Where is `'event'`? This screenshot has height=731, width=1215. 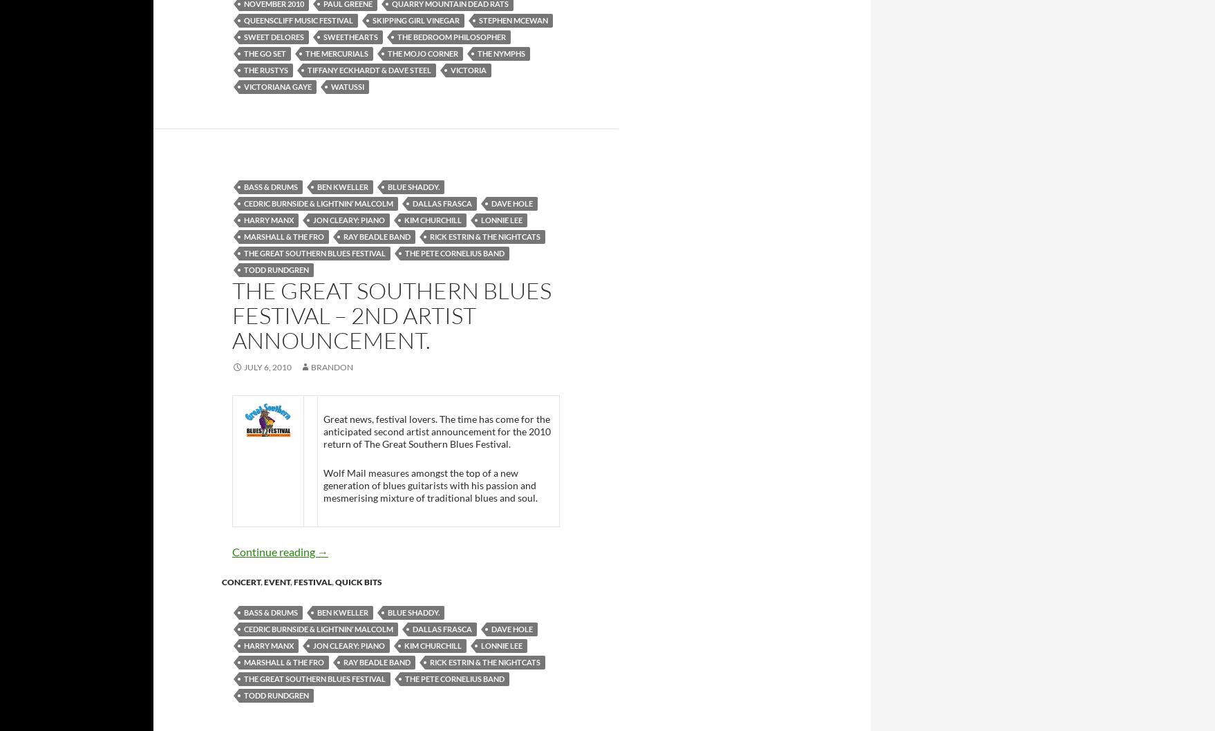 'event' is located at coordinates (276, 580).